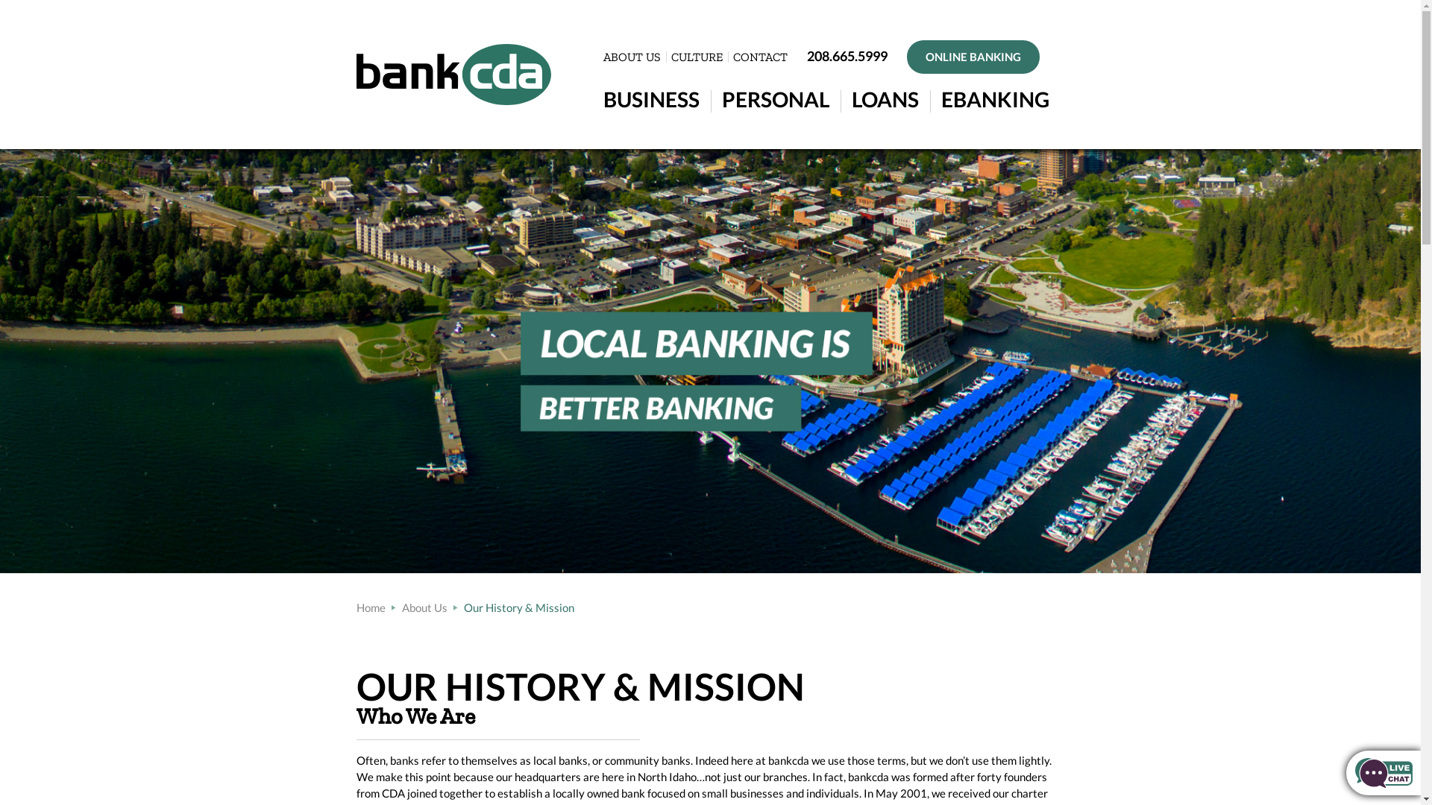  I want to click on 'LOANS', so click(885, 98).